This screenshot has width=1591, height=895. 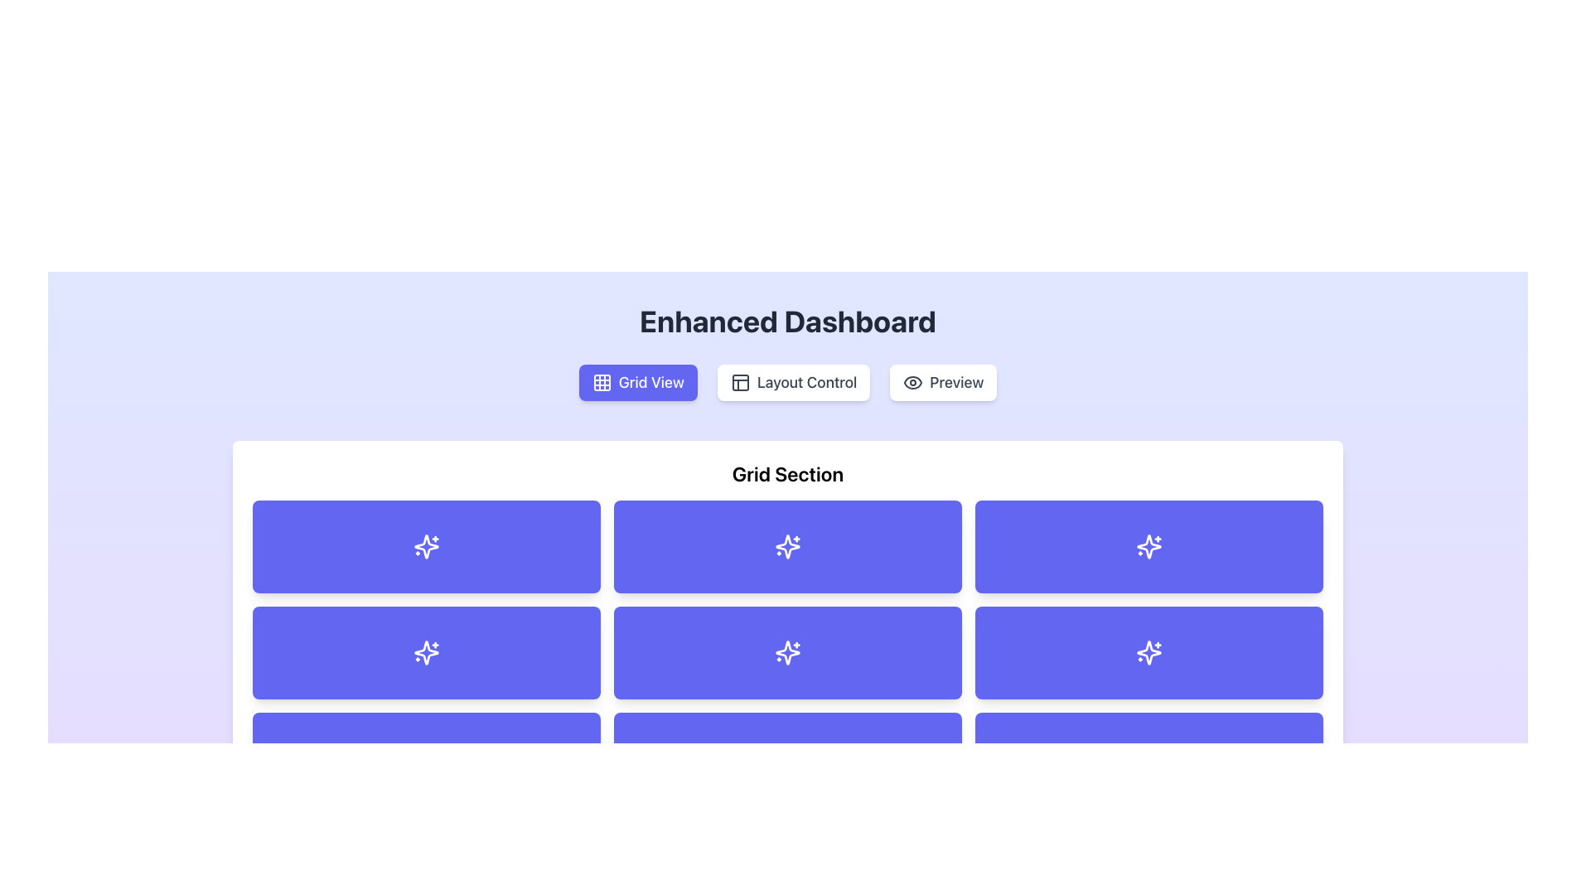 I want to click on the star-like icon with a sparkles design on the blue rectangular button located in the second row and third column of the grid layout in the 'Grid Section', so click(x=1148, y=546).